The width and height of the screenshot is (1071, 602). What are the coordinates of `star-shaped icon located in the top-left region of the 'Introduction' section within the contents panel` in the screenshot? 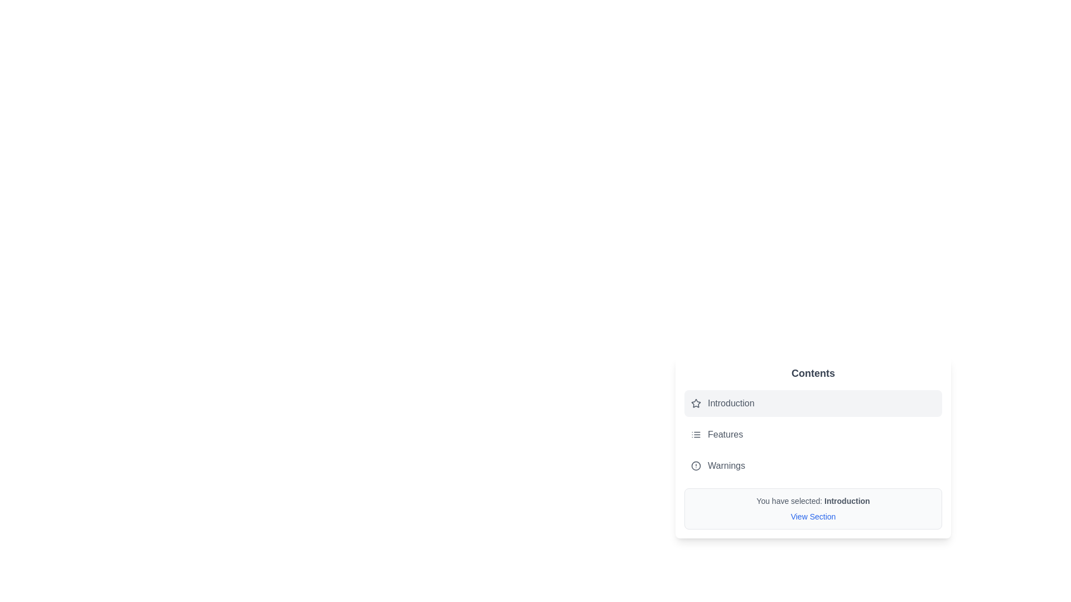 It's located at (696, 403).